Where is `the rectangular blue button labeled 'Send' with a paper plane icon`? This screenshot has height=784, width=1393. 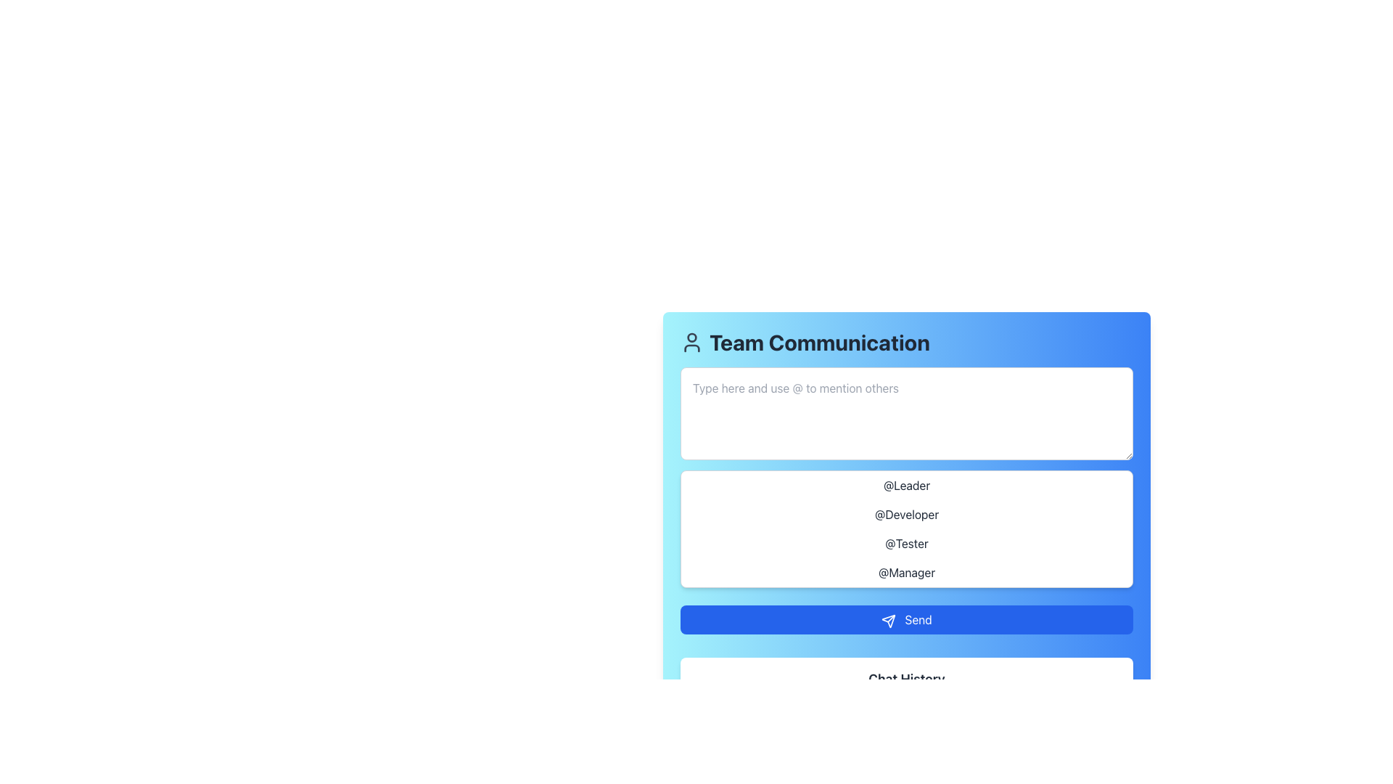
the rectangular blue button labeled 'Send' with a paper plane icon is located at coordinates (905, 619).